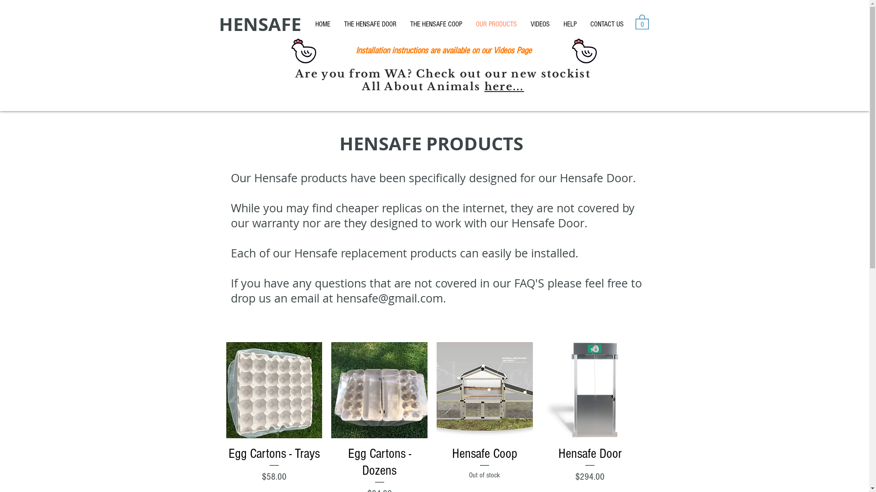 This screenshot has width=876, height=492. I want to click on 'OUR PRODUCTS', so click(496, 24).